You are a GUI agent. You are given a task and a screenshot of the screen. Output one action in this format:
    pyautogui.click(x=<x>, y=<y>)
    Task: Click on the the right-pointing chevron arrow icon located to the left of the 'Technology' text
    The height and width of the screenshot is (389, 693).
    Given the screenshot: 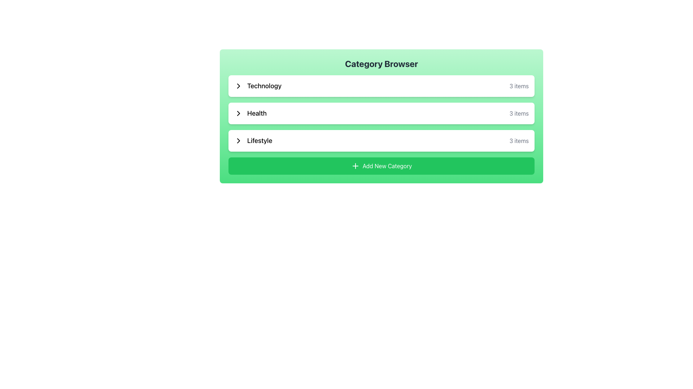 What is the action you would take?
    pyautogui.click(x=239, y=86)
    